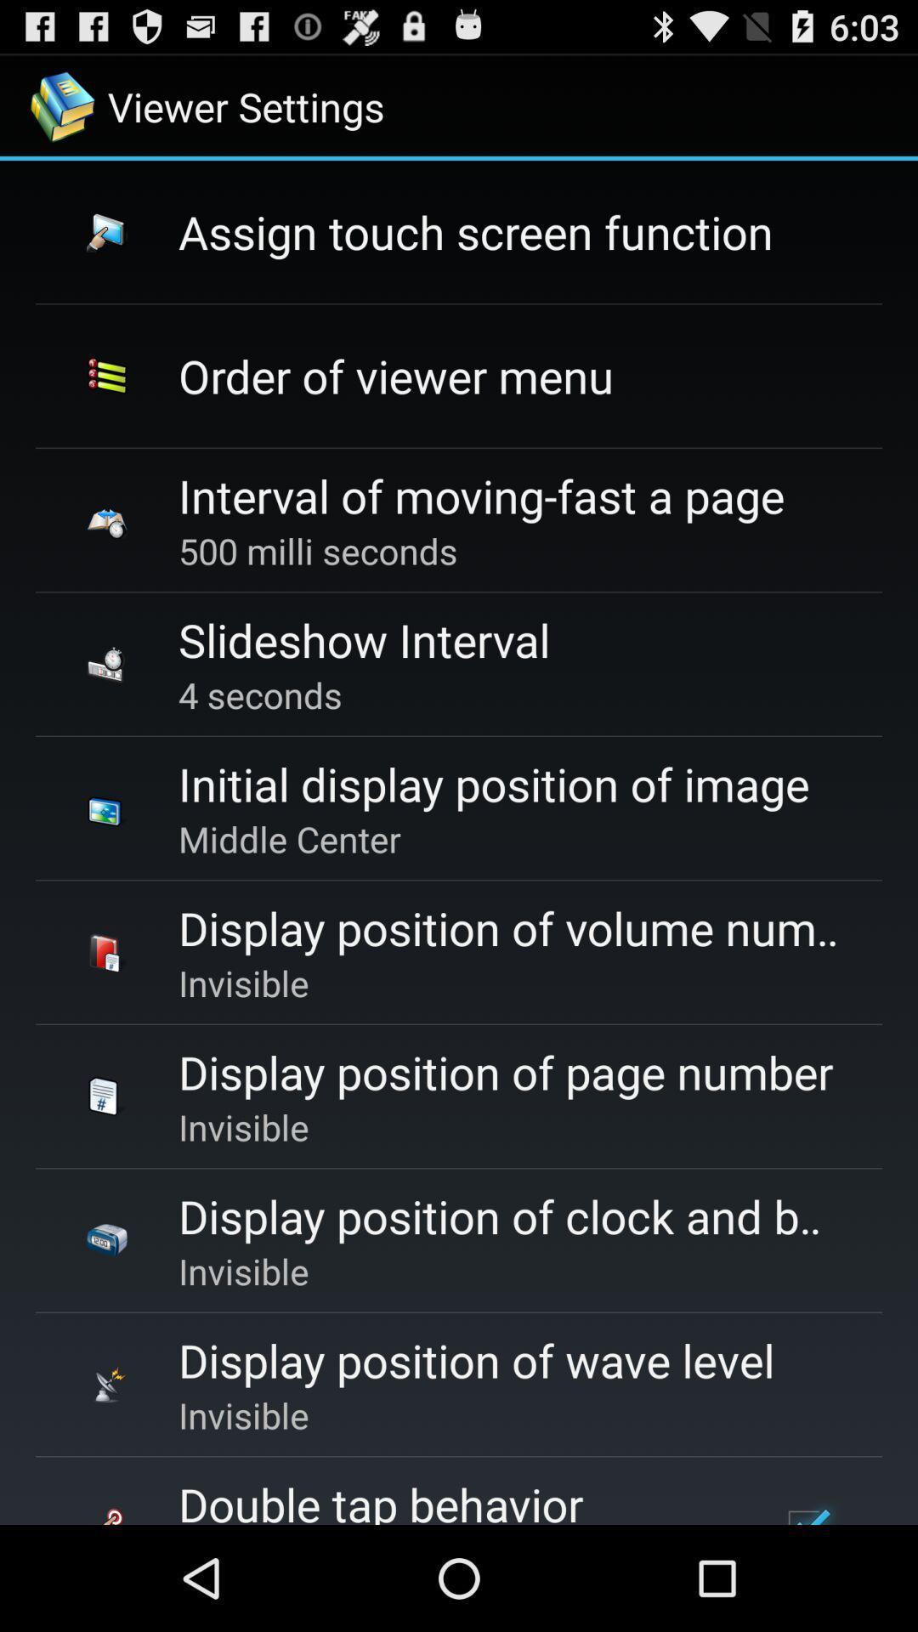 The width and height of the screenshot is (918, 1632). I want to click on app below the order of viewer, so click(481, 495).